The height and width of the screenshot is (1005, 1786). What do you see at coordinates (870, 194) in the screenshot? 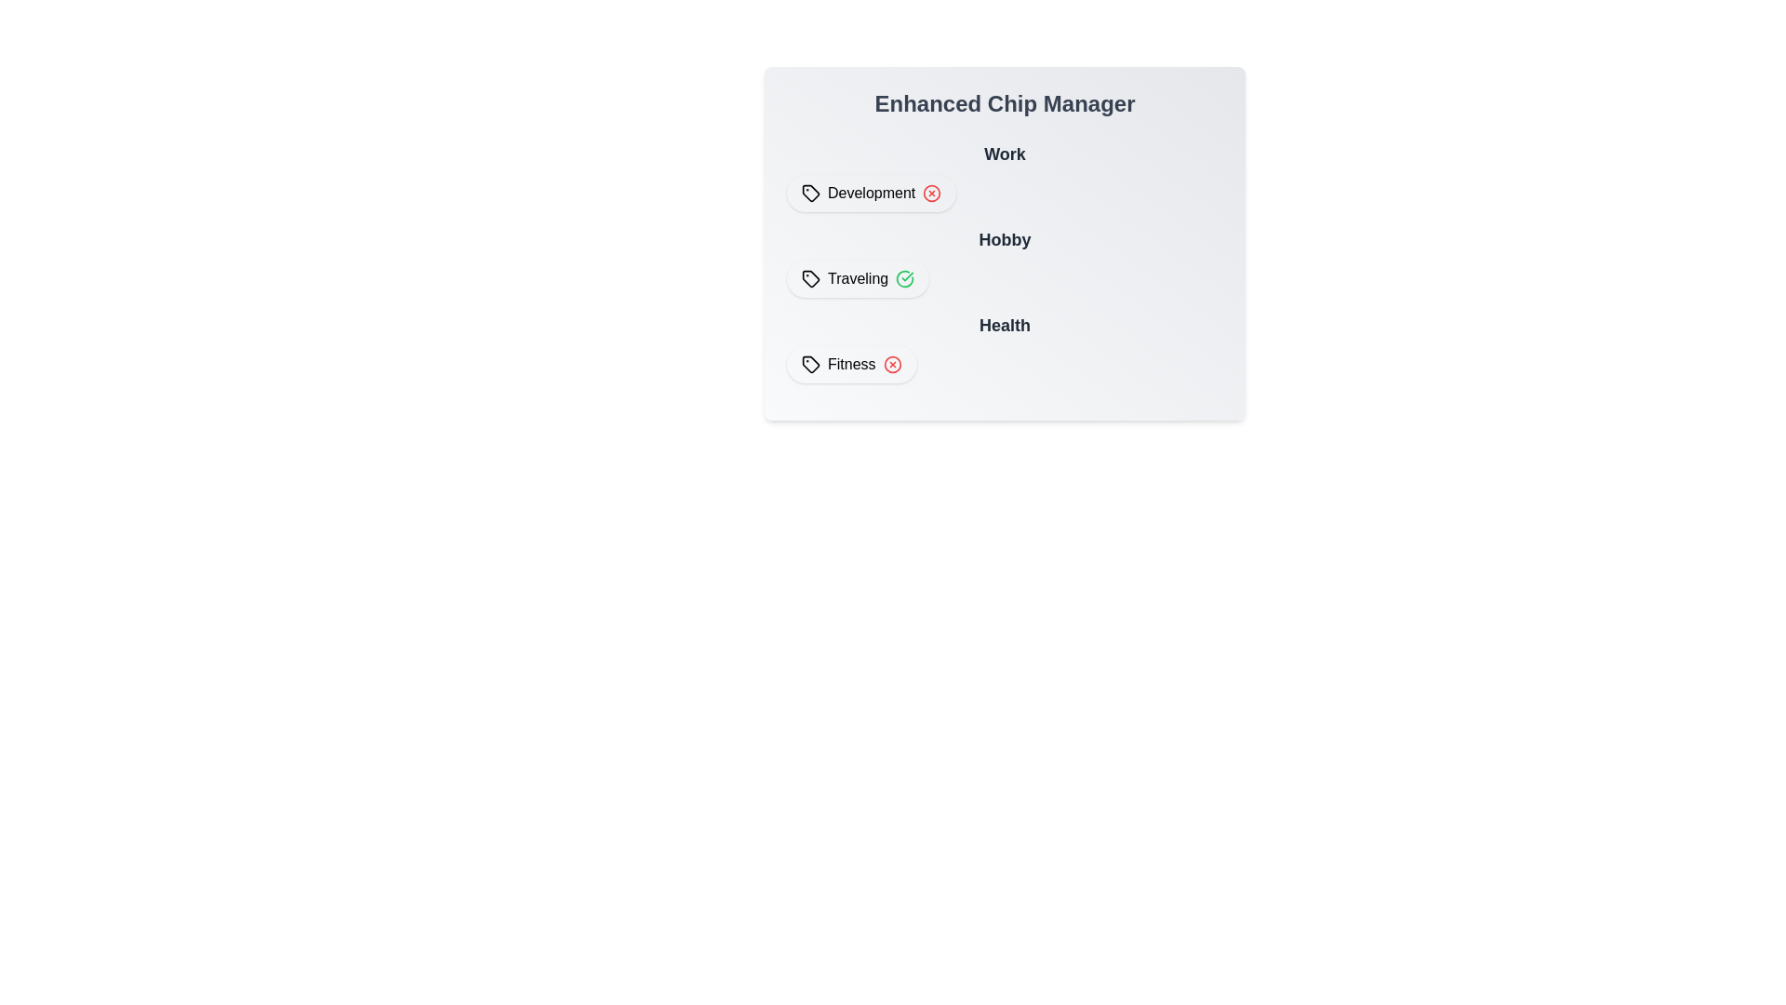
I see `the chip labeled Development` at bounding box center [870, 194].